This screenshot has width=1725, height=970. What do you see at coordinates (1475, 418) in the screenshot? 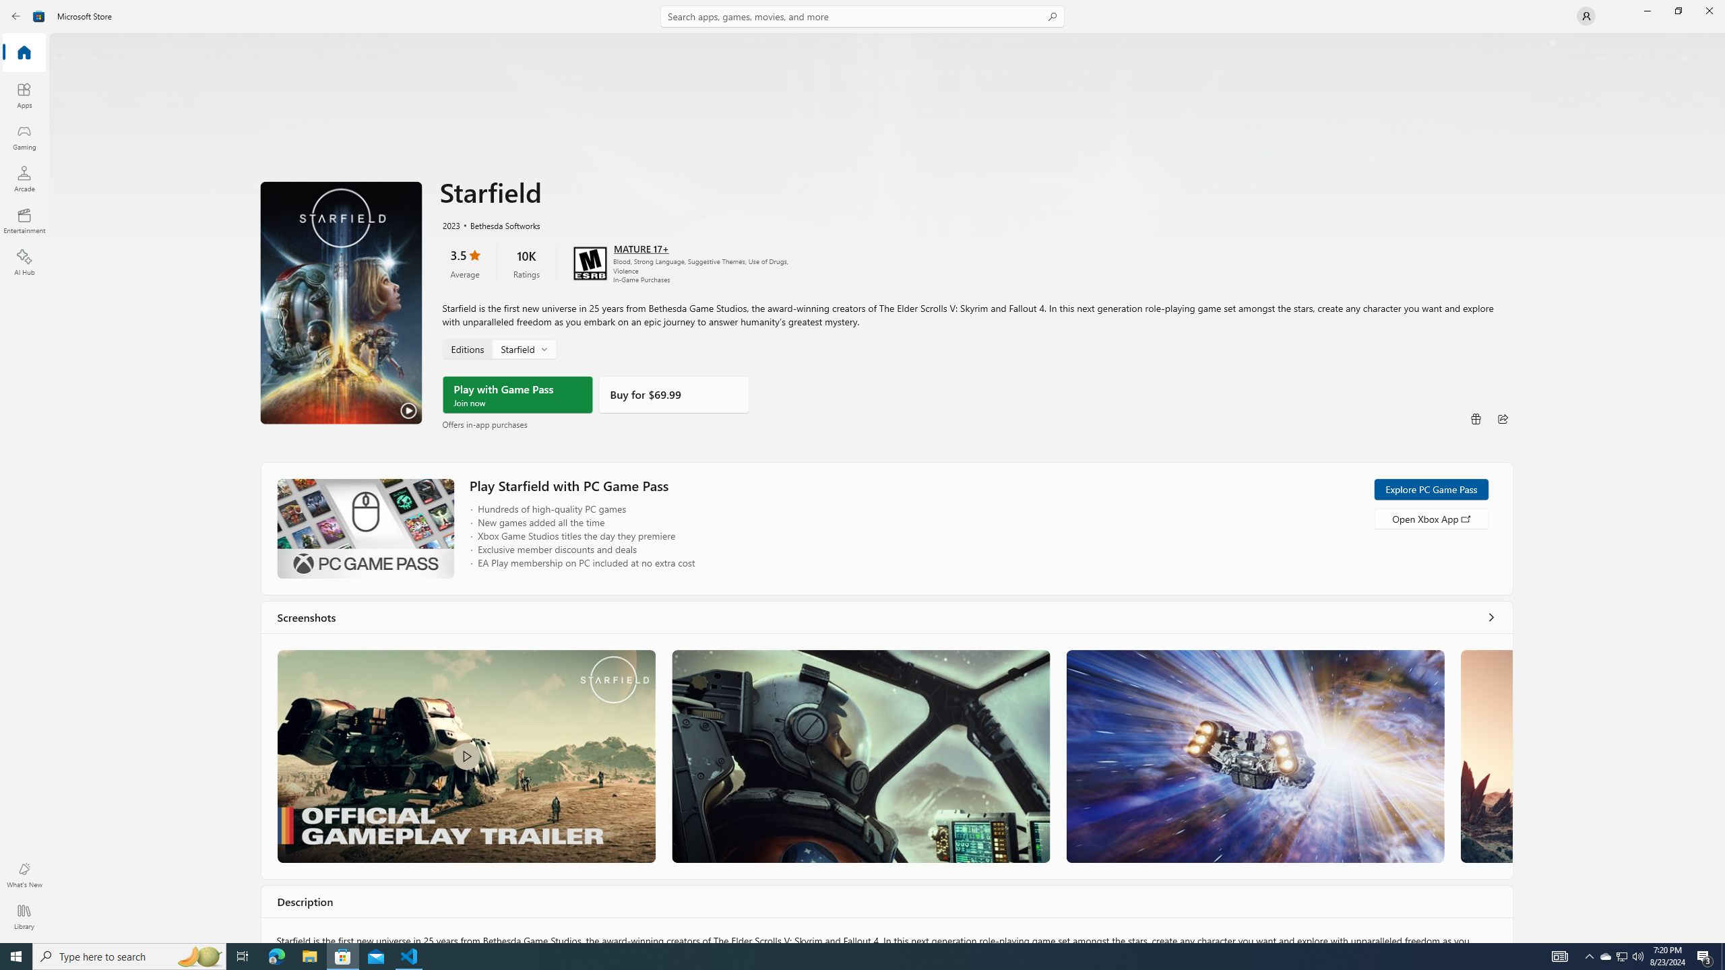
I see `'Buy as gift'` at bounding box center [1475, 418].